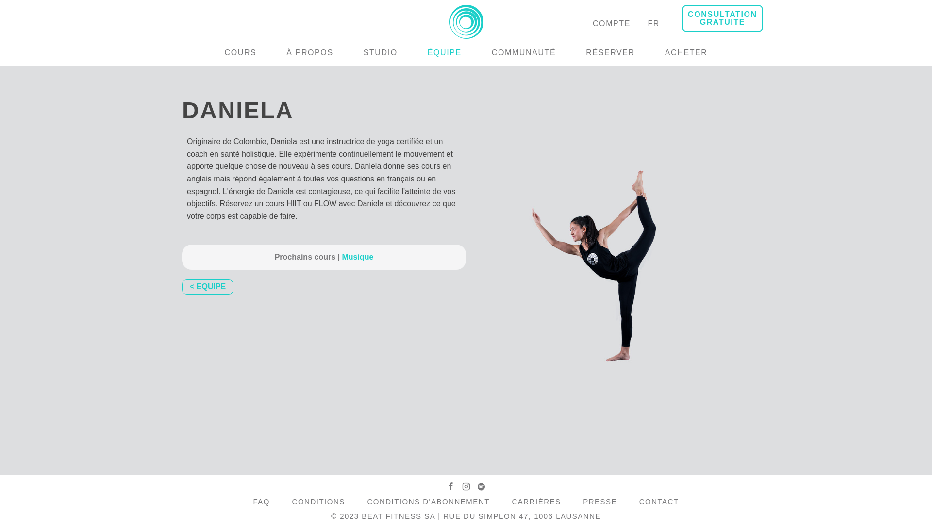 The height and width of the screenshot is (524, 932). Describe the element at coordinates (466, 487) in the screenshot. I see `'instagram'` at that location.